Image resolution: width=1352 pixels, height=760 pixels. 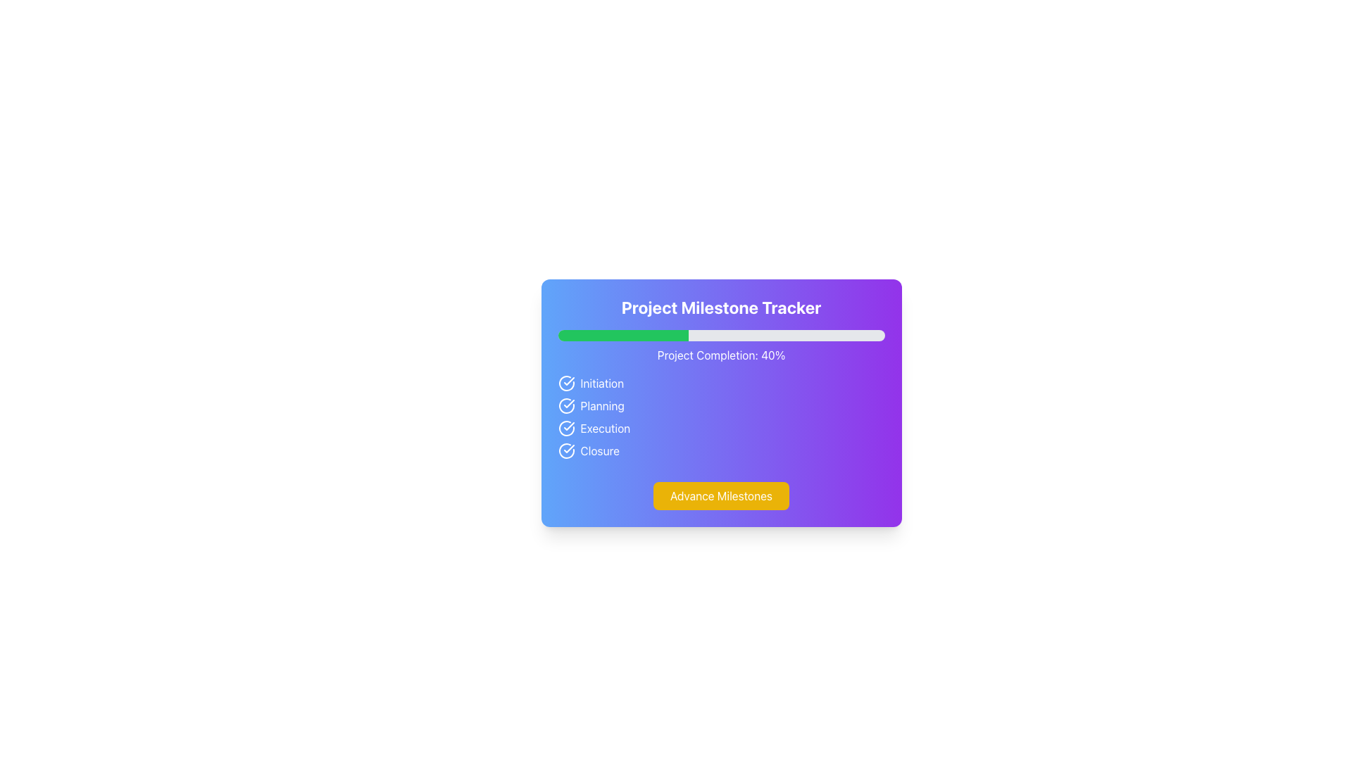 What do you see at coordinates (568, 381) in the screenshot?
I see `the checkmark vector graphic in the SVG icon, which is styled with thin strokes and rounded edges, located next to its text label` at bounding box center [568, 381].